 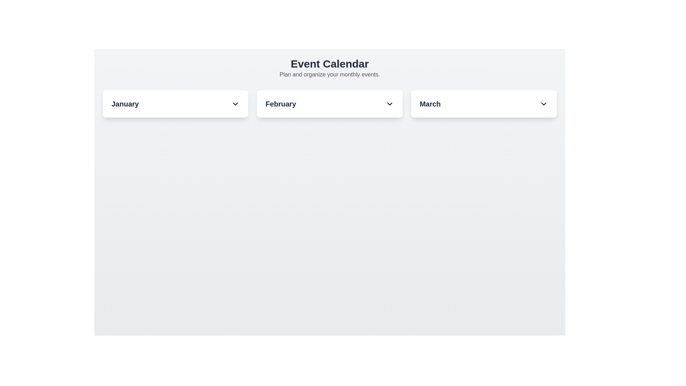 What do you see at coordinates (543, 104) in the screenshot?
I see `the downward-pointing chevron icon with a black outline, located on the right side of the 'March' dropdown button` at bounding box center [543, 104].